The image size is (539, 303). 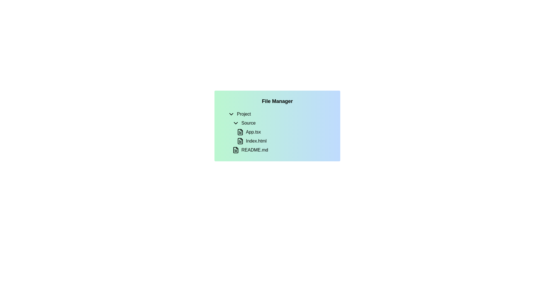 What do you see at coordinates (253, 132) in the screenshot?
I see `the 'App.tsx' text label located under the 'Source' directory to show the context menu` at bounding box center [253, 132].